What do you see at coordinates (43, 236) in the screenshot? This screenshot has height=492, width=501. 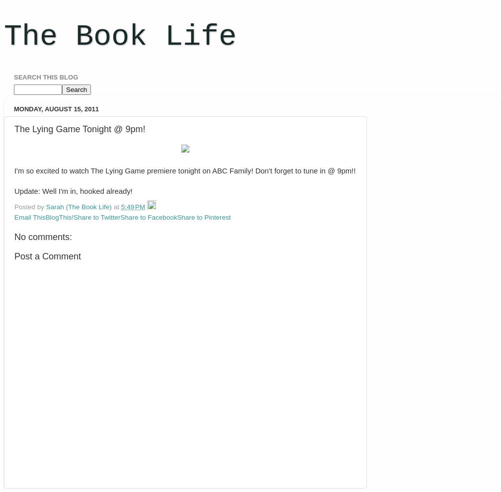 I see `'No comments:'` at bounding box center [43, 236].